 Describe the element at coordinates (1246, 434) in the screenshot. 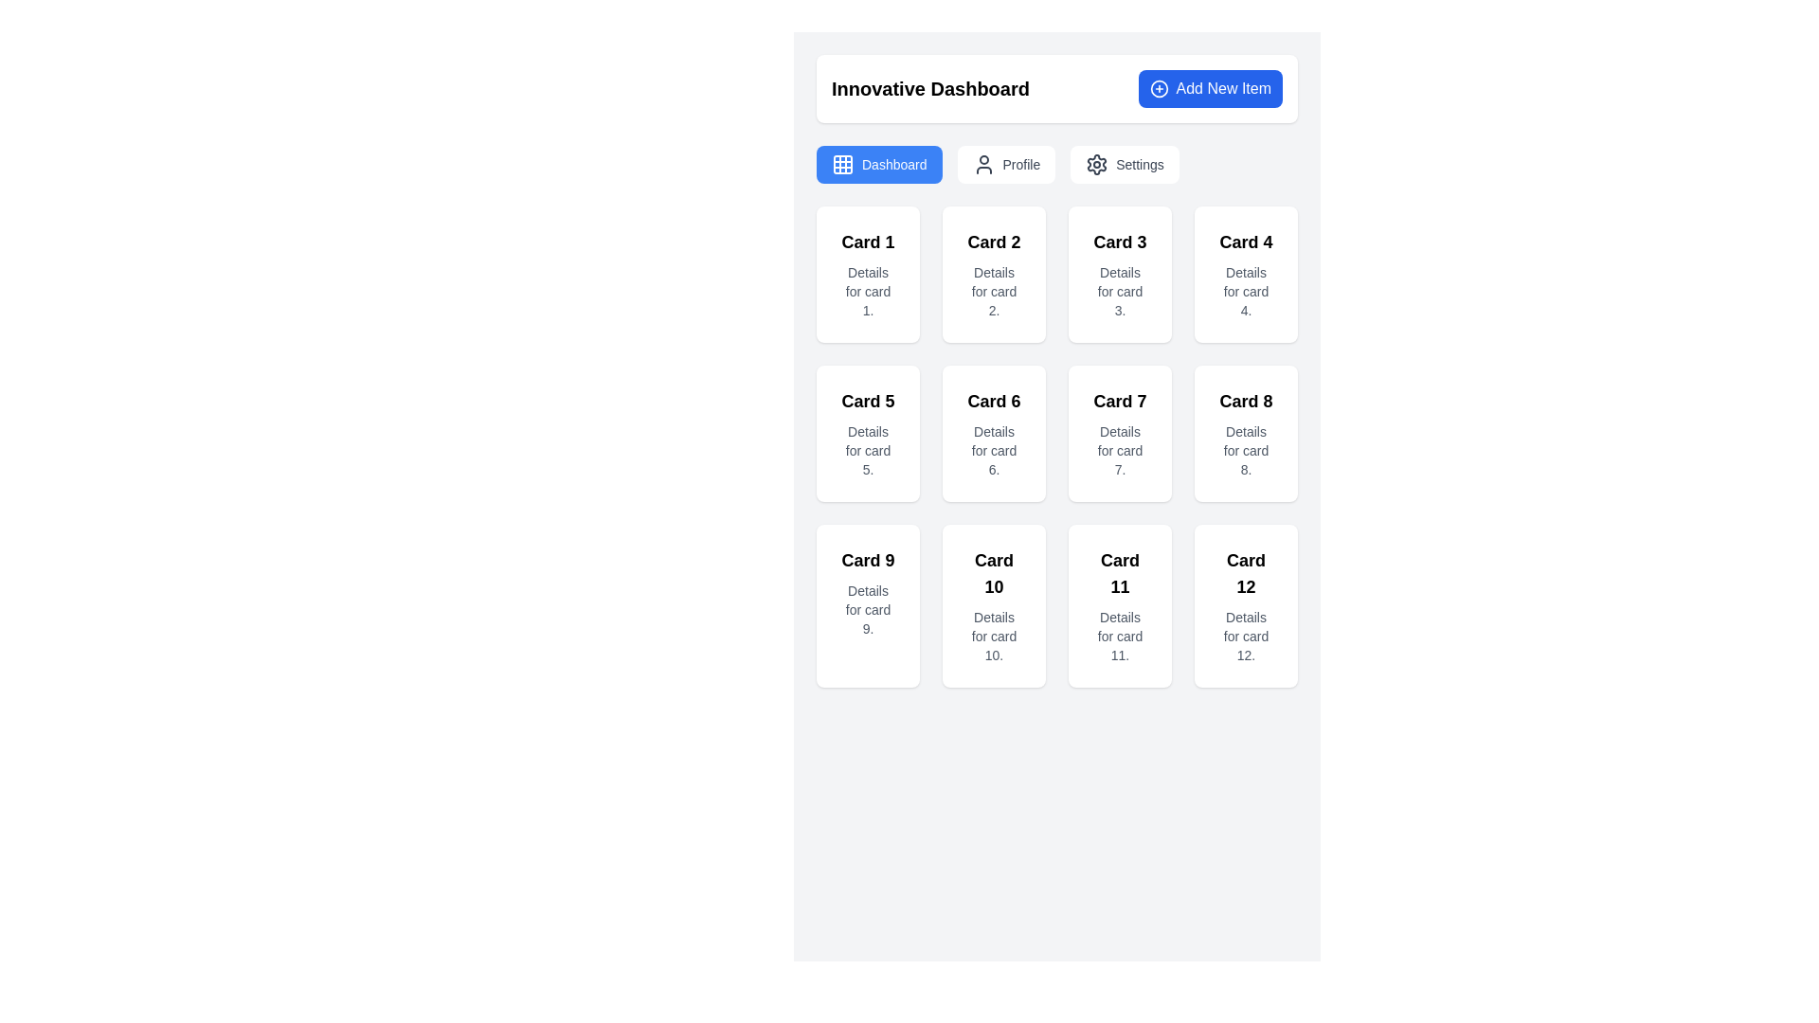

I see `the content of the rectangular card titled 'Card 8' with a white background, shadow styling, and rounded corners, located in the second row, fourth column of the grid` at that location.